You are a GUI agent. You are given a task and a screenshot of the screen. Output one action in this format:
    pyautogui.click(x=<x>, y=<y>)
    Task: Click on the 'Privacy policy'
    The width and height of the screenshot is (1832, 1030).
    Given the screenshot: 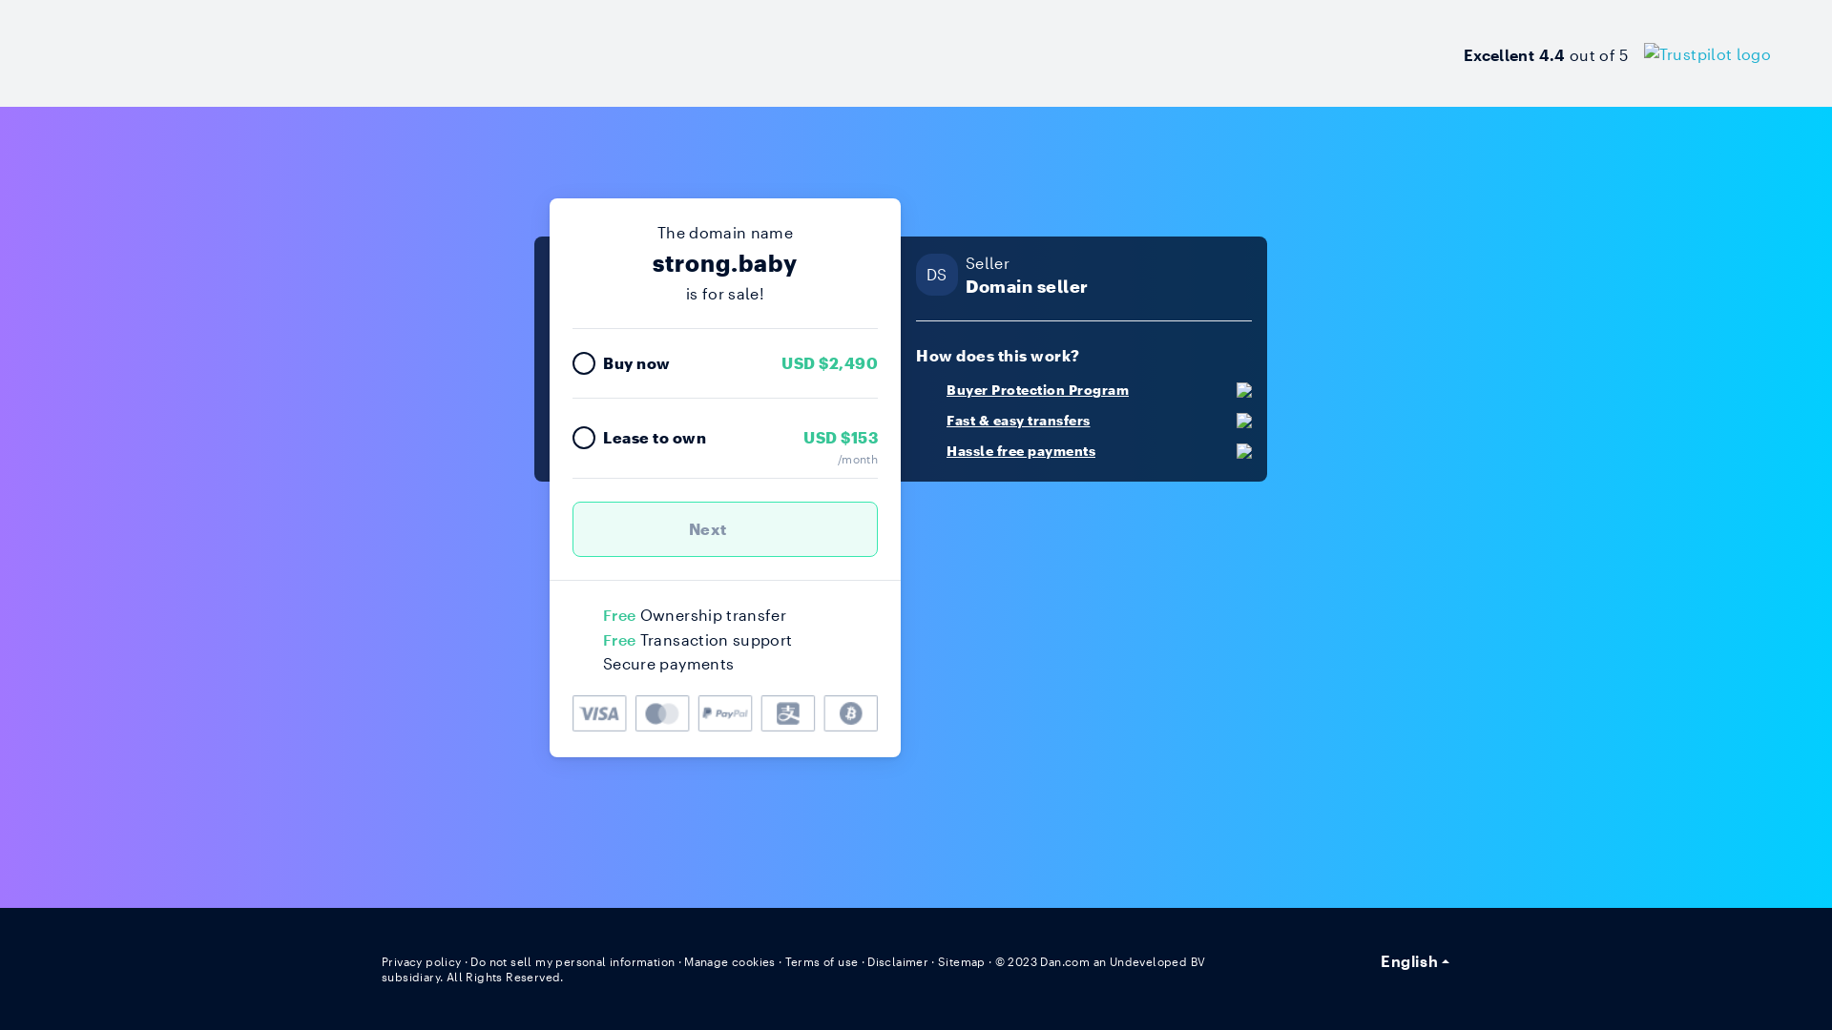 What is the action you would take?
    pyautogui.click(x=420, y=960)
    